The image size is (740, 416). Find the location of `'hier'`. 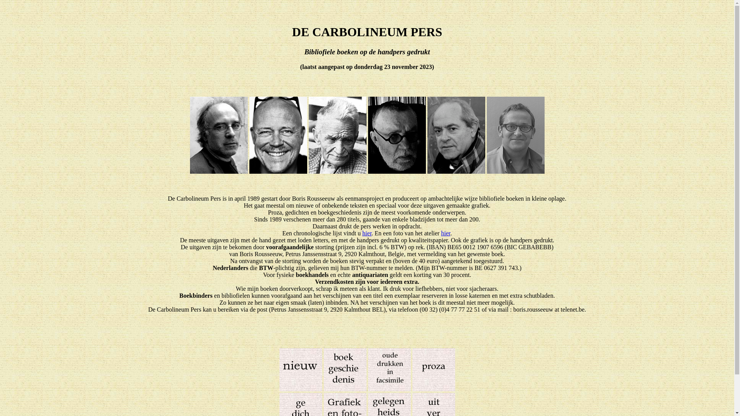

'hier' is located at coordinates (446, 233).